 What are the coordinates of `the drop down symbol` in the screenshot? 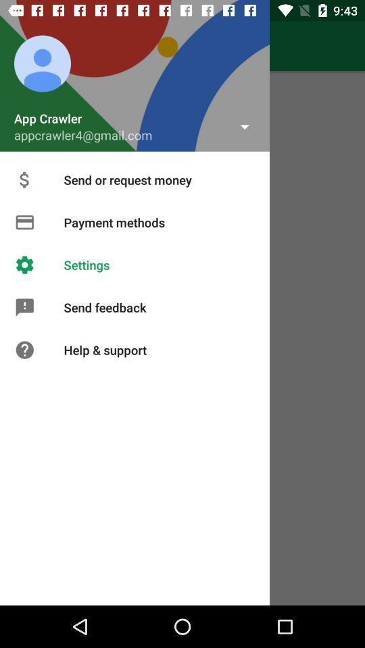 It's located at (244, 126).